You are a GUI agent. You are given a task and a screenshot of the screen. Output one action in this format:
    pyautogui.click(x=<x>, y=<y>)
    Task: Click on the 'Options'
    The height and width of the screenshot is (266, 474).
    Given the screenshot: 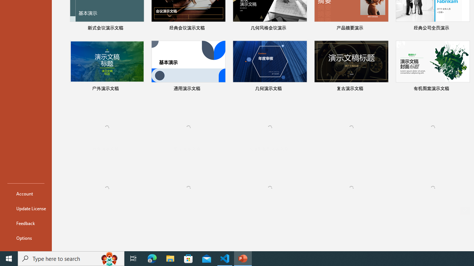 What is the action you would take?
    pyautogui.click(x=26, y=238)
    